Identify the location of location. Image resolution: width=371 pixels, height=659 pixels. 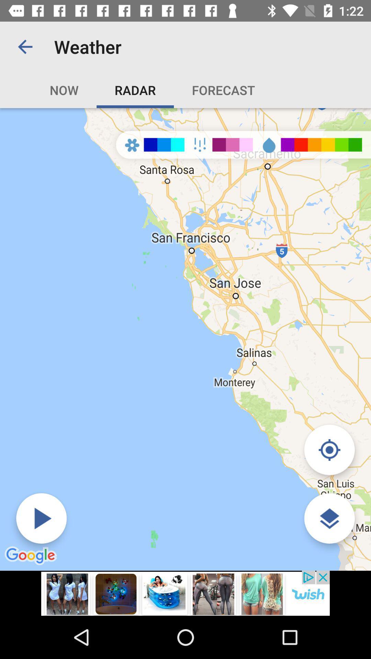
(329, 450).